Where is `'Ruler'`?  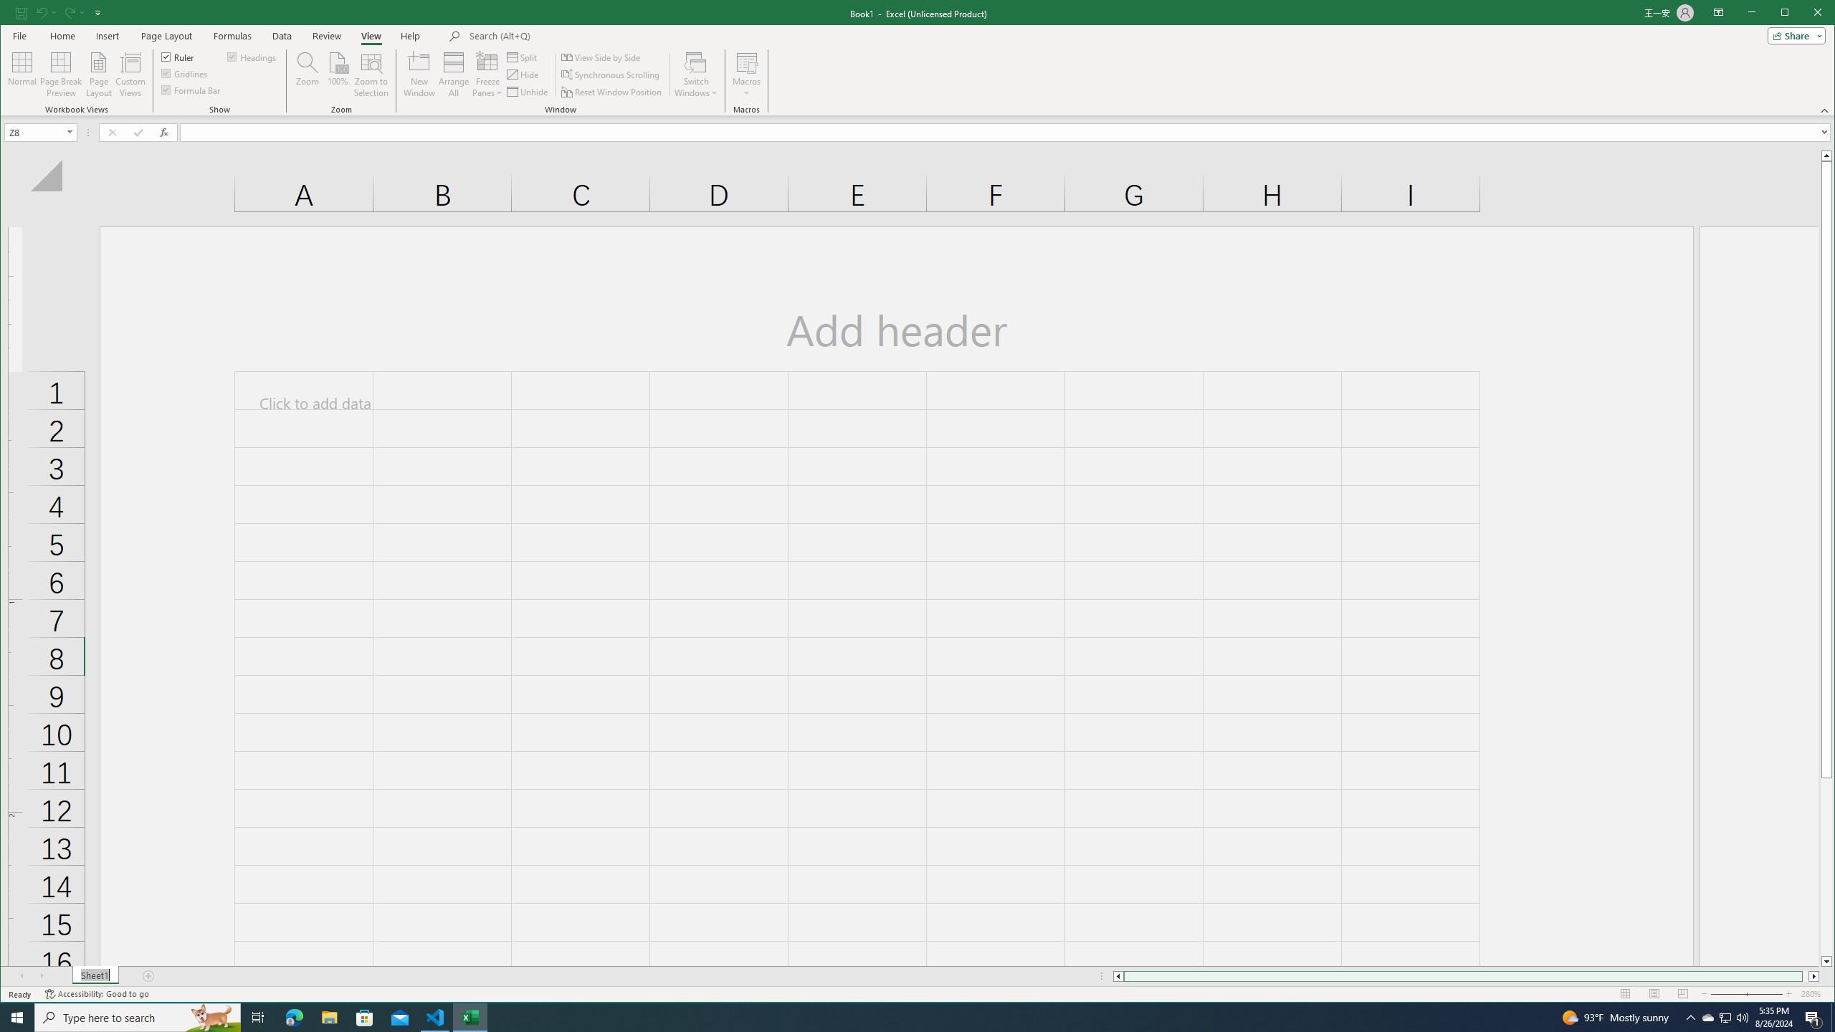
'Ruler' is located at coordinates (178, 56).